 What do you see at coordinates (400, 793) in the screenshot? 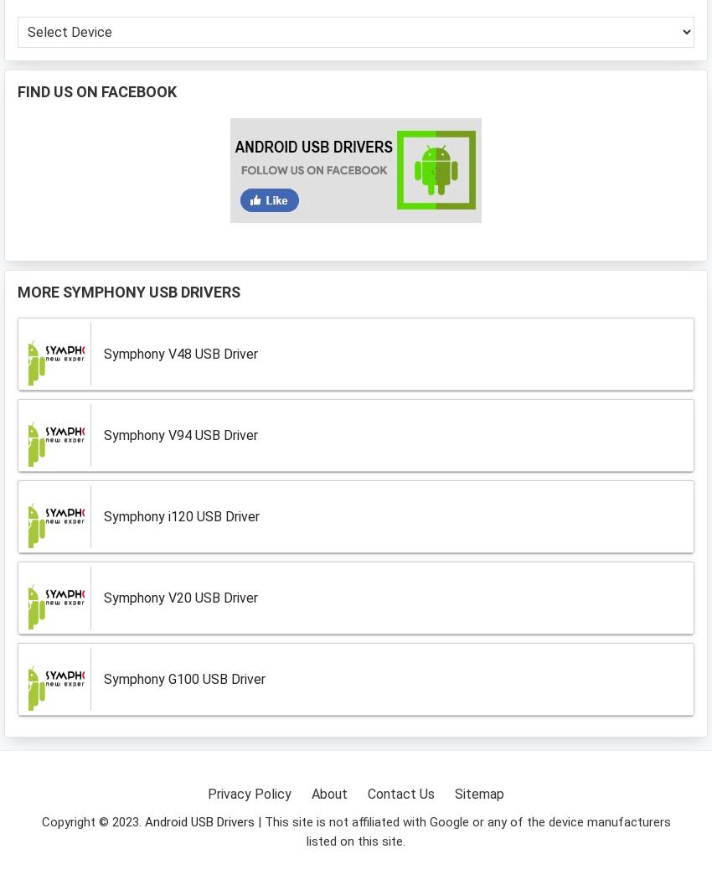
I see `'Contact Us'` at bounding box center [400, 793].